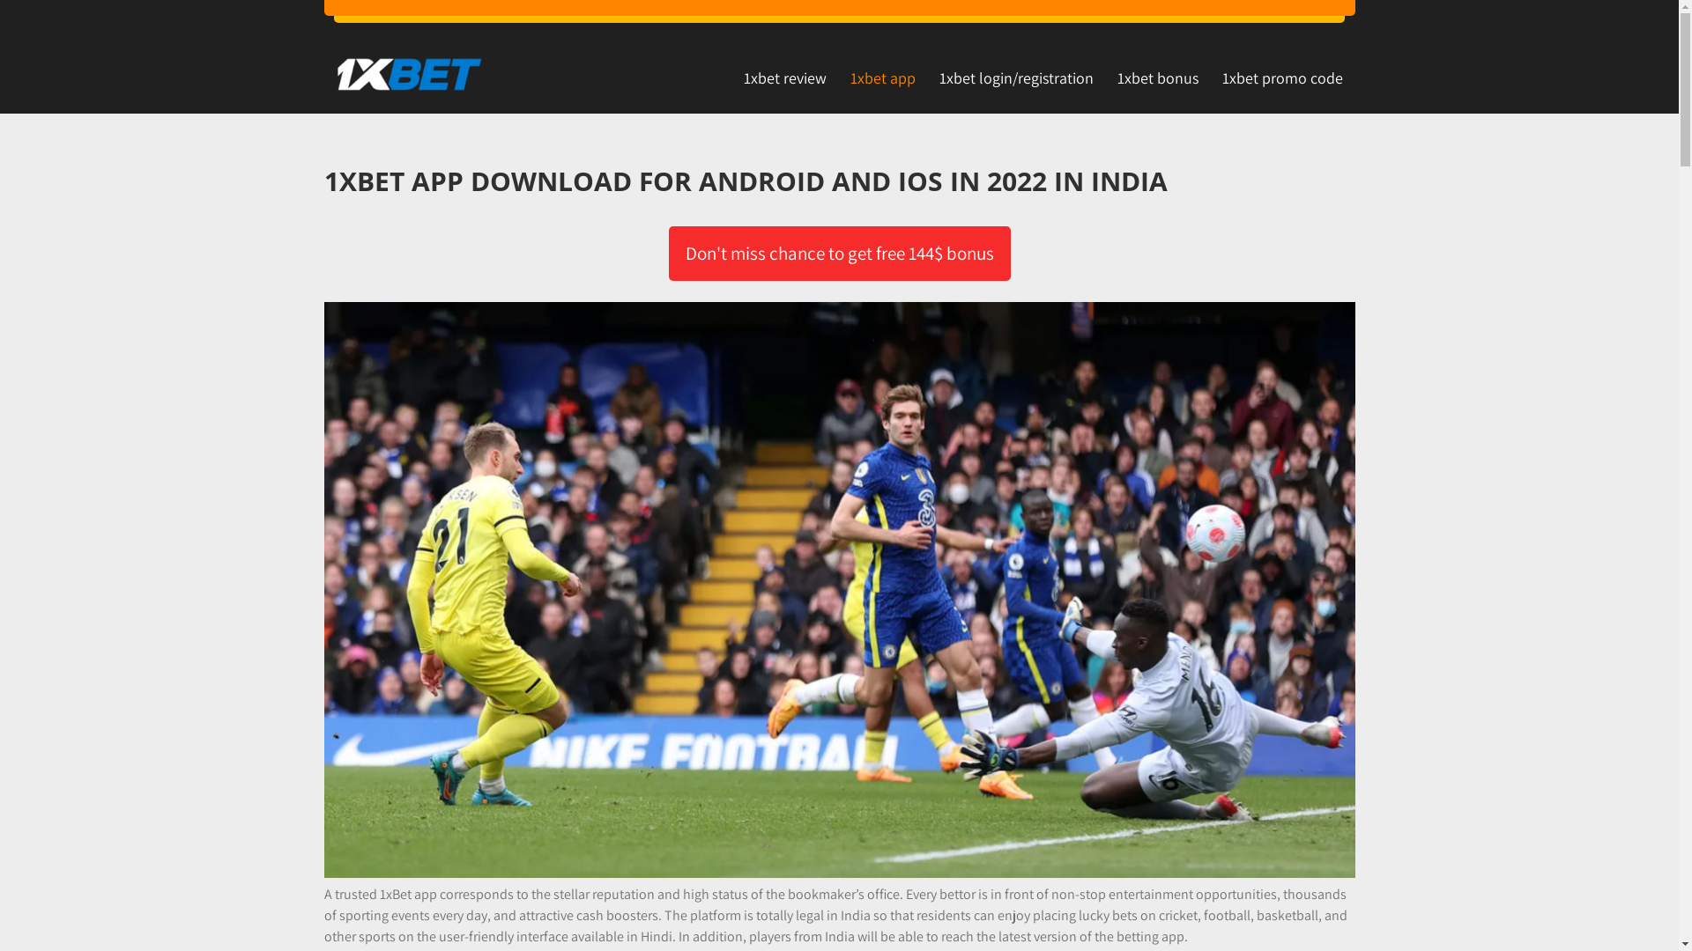 The image size is (1692, 951). What do you see at coordinates (1015, 77) in the screenshot?
I see `'1xbet login/registration'` at bounding box center [1015, 77].